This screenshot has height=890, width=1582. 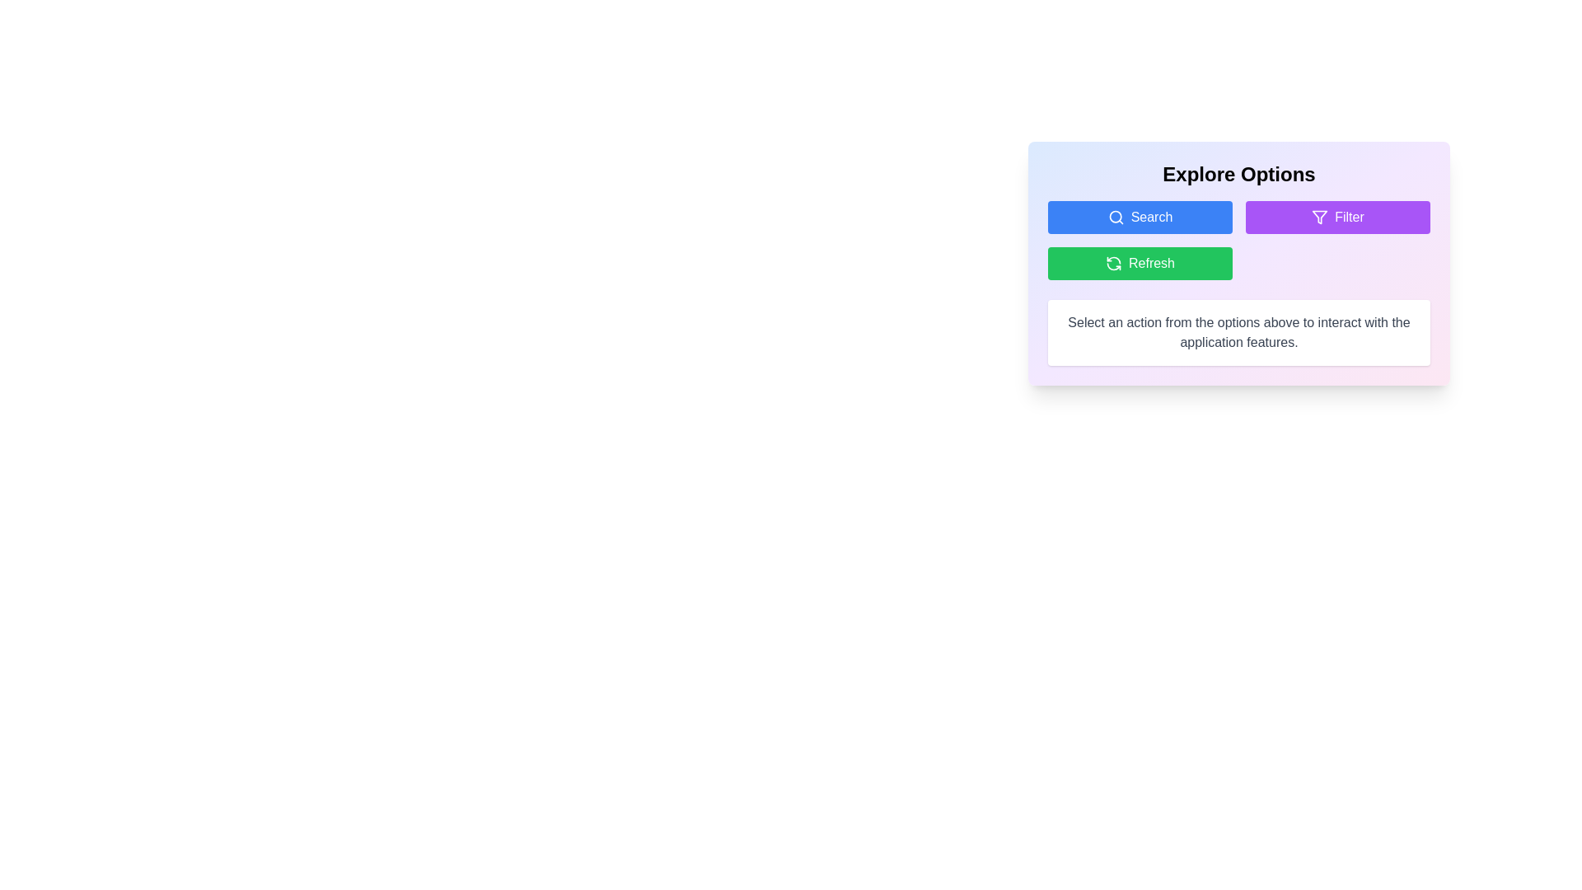 What do you see at coordinates (1139, 216) in the screenshot?
I see `the leftmost button in the top row that initiates a search operation` at bounding box center [1139, 216].